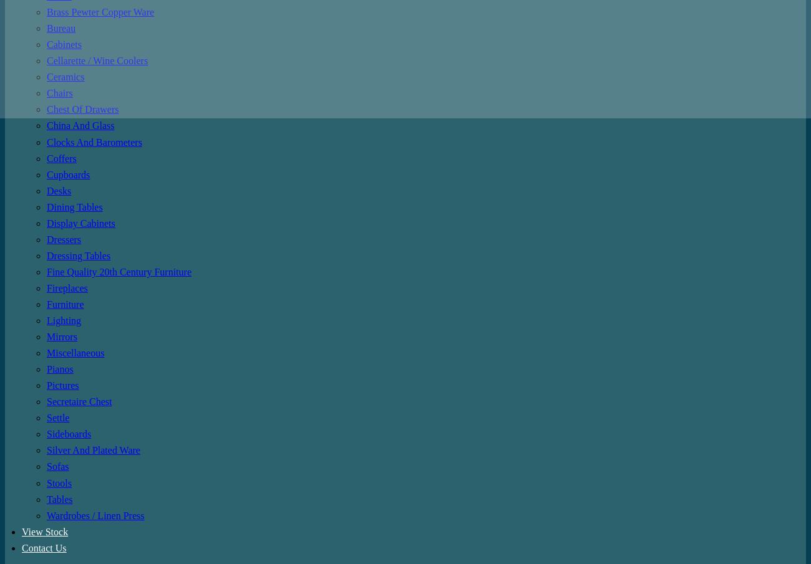 This screenshot has height=564, width=811. I want to click on 'Coffers', so click(61, 158).